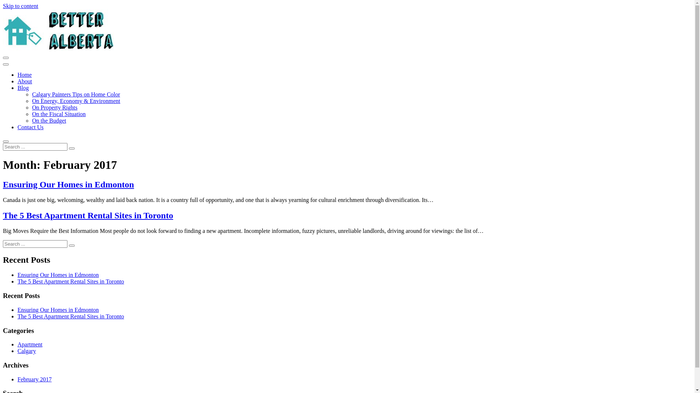 This screenshot has width=700, height=393. What do you see at coordinates (31, 107) in the screenshot?
I see `'On Property Rights'` at bounding box center [31, 107].